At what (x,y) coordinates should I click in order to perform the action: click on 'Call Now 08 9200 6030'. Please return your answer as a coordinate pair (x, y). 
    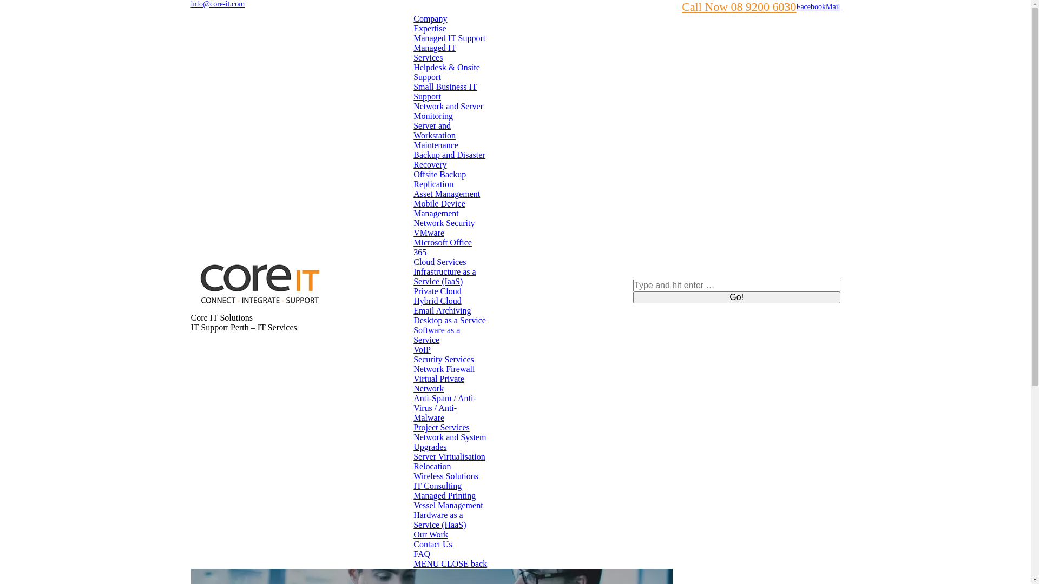
    Looking at the image, I should click on (738, 6).